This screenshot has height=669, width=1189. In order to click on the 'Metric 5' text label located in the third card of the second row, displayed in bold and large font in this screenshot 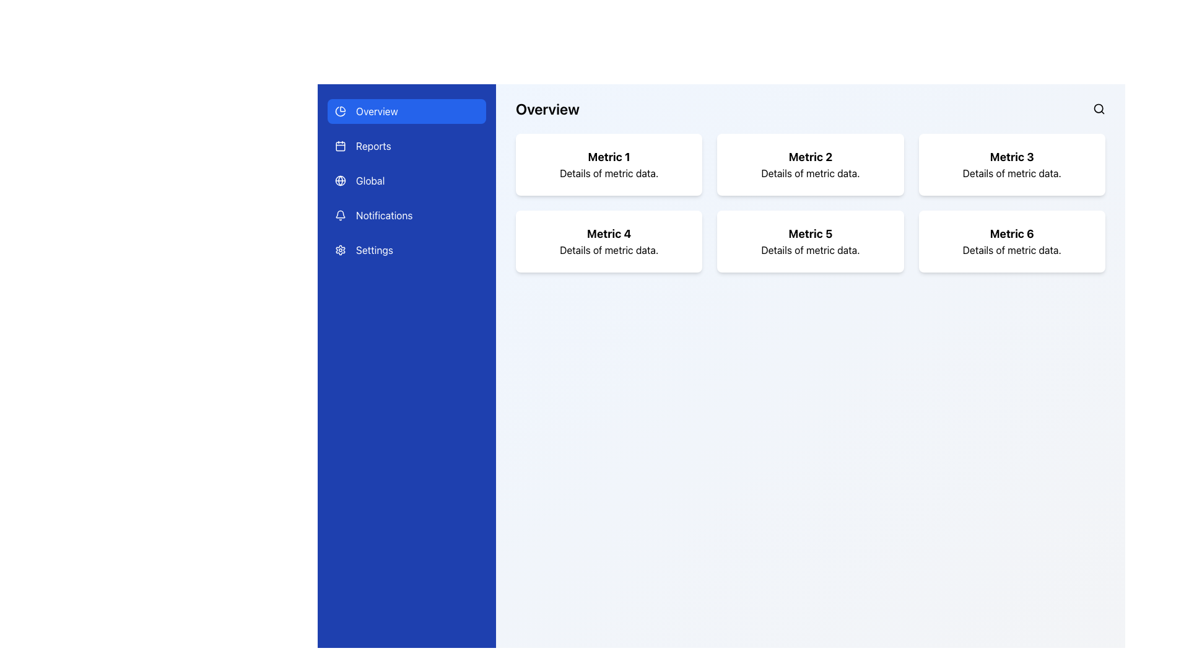, I will do `click(811, 234)`.